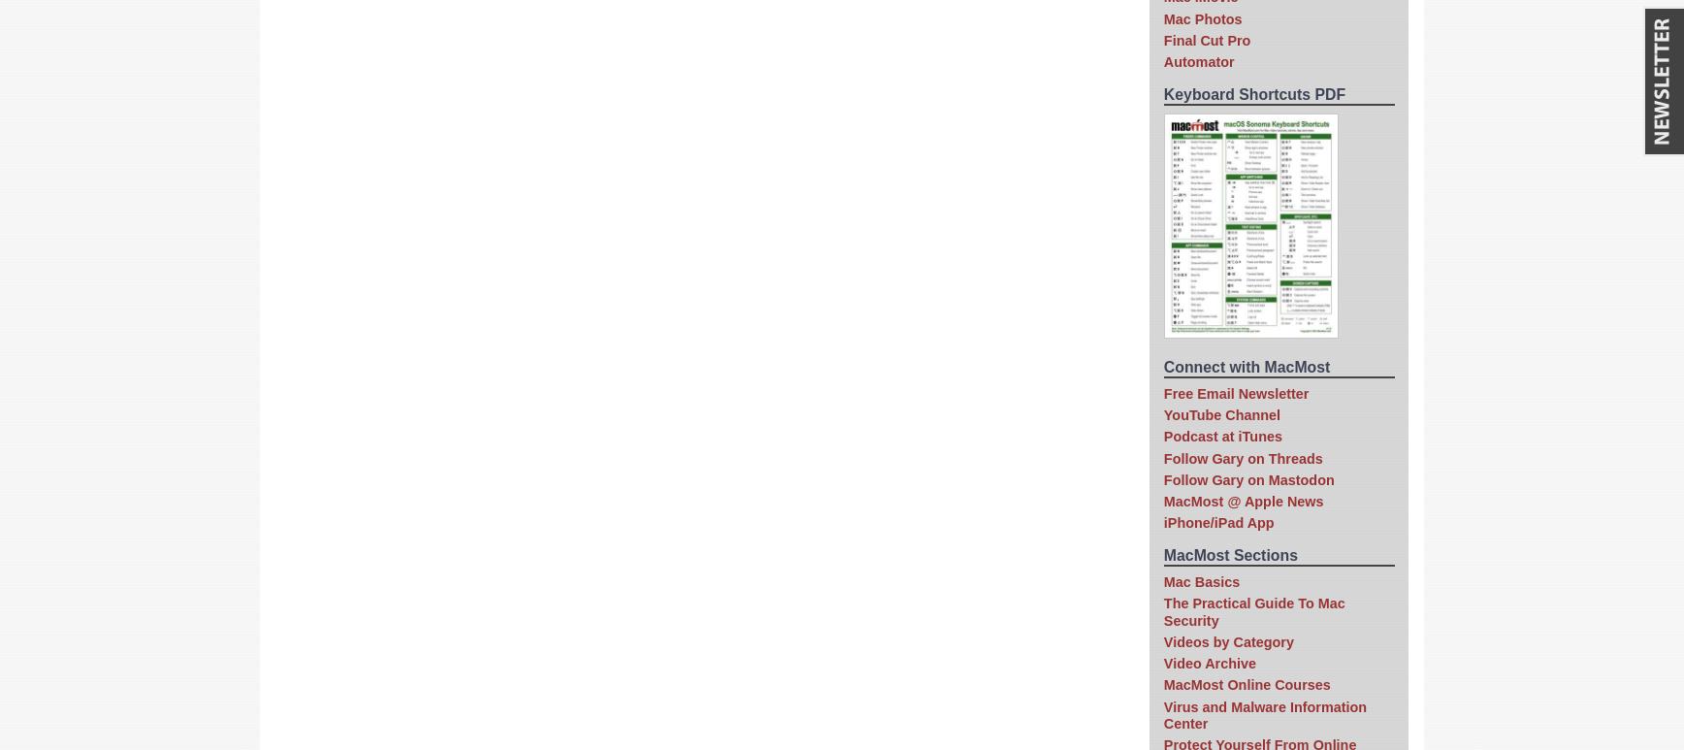  I want to click on 'Mac Basics', so click(1201, 579).